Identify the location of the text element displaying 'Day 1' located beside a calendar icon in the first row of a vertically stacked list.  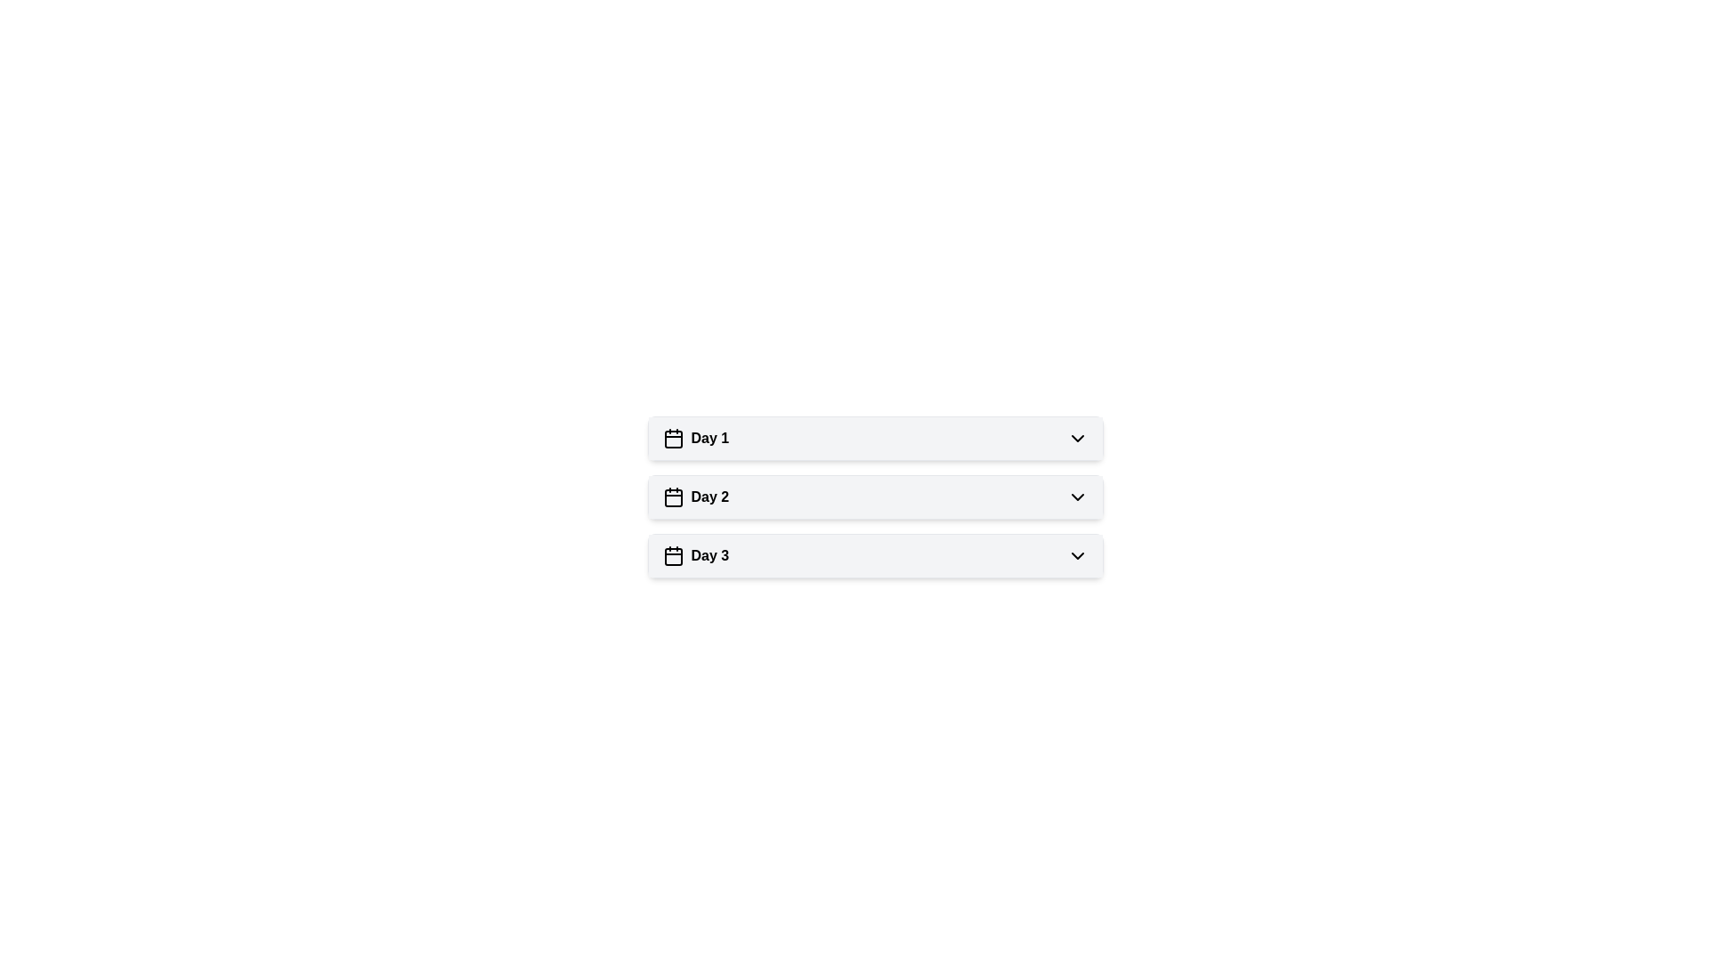
(709, 439).